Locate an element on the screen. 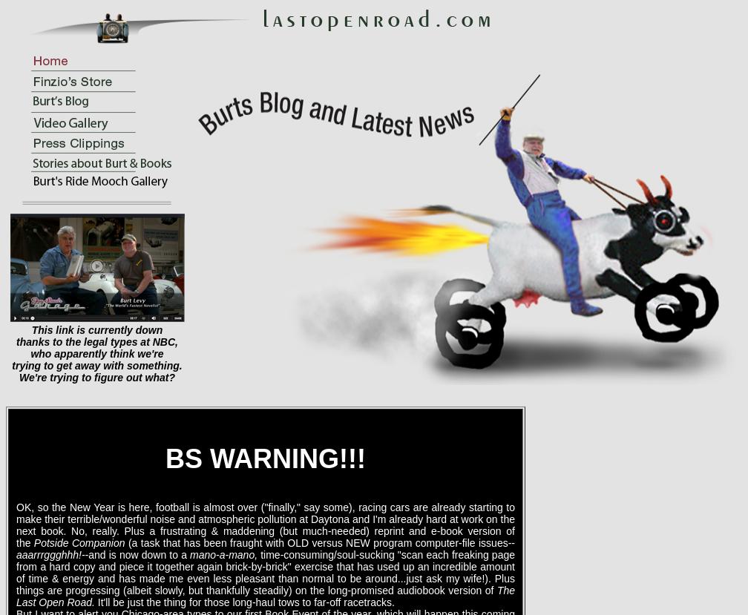  'aaarrrggghhh!--' is located at coordinates (52, 554).